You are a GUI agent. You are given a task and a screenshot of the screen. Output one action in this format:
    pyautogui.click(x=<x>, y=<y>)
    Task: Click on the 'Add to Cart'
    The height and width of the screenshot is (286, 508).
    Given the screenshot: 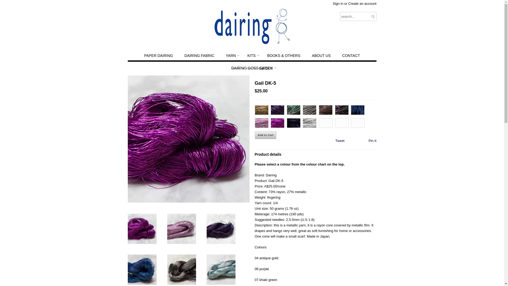 What is the action you would take?
    pyautogui.click(x=265, y=135)
    